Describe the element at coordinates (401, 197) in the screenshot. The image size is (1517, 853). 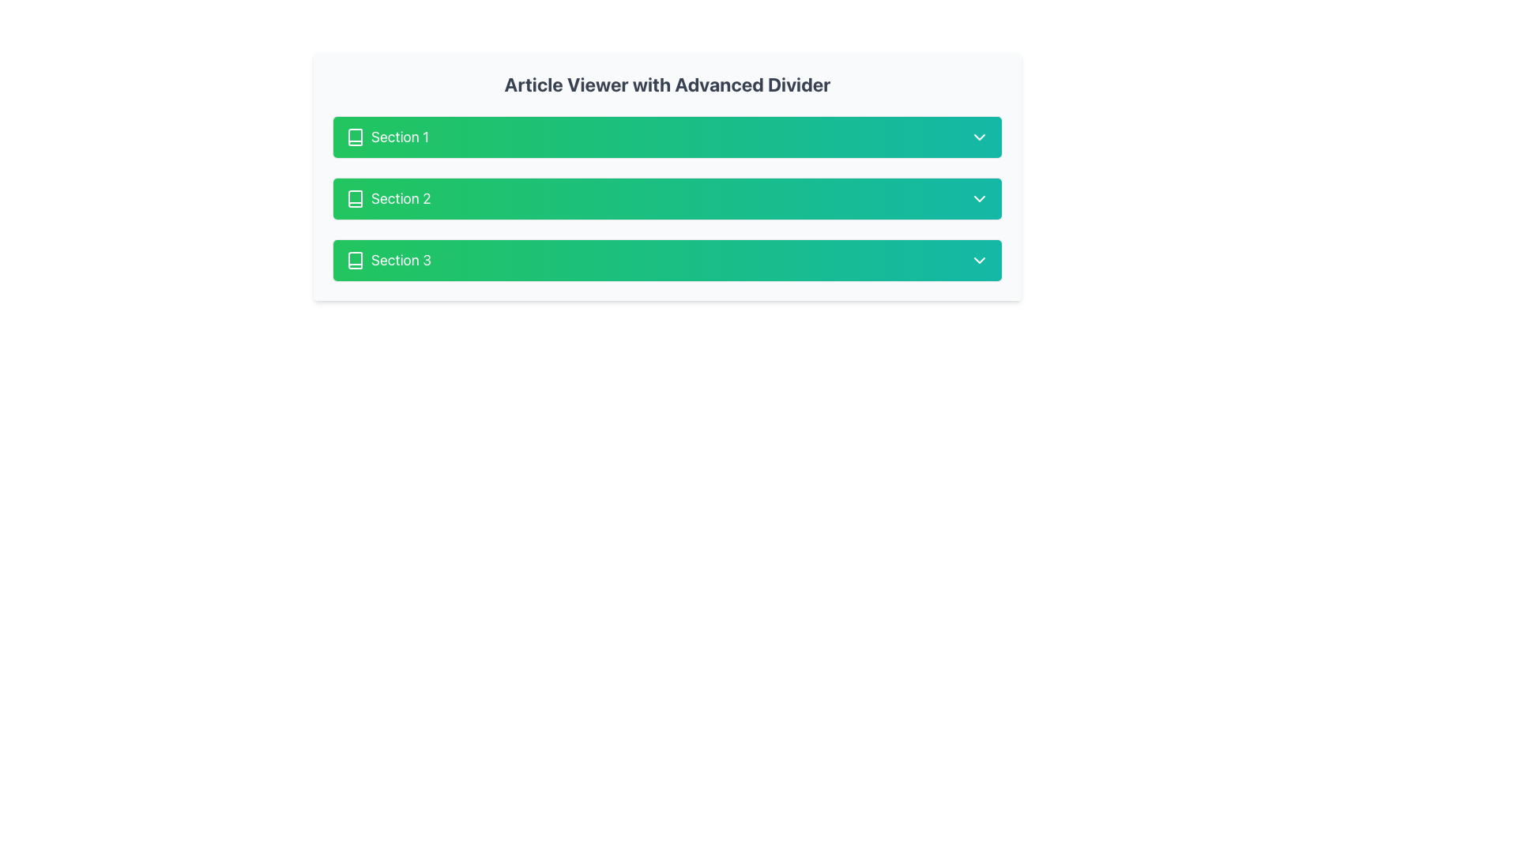
I see `the text label for the second section of content, which is located to the right of a book icon in a vertically stacked list beneath the 'Article Viewer with Advanced Divider' header` at that location.